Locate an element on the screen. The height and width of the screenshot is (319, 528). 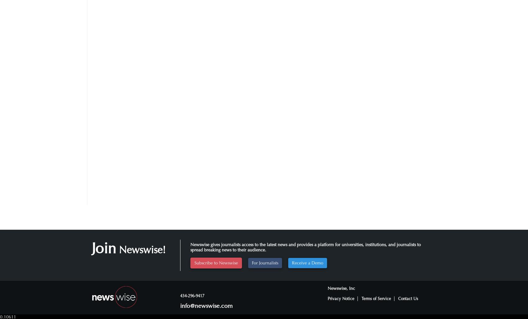
'Contact Us' is located at coordinates (398, 298).